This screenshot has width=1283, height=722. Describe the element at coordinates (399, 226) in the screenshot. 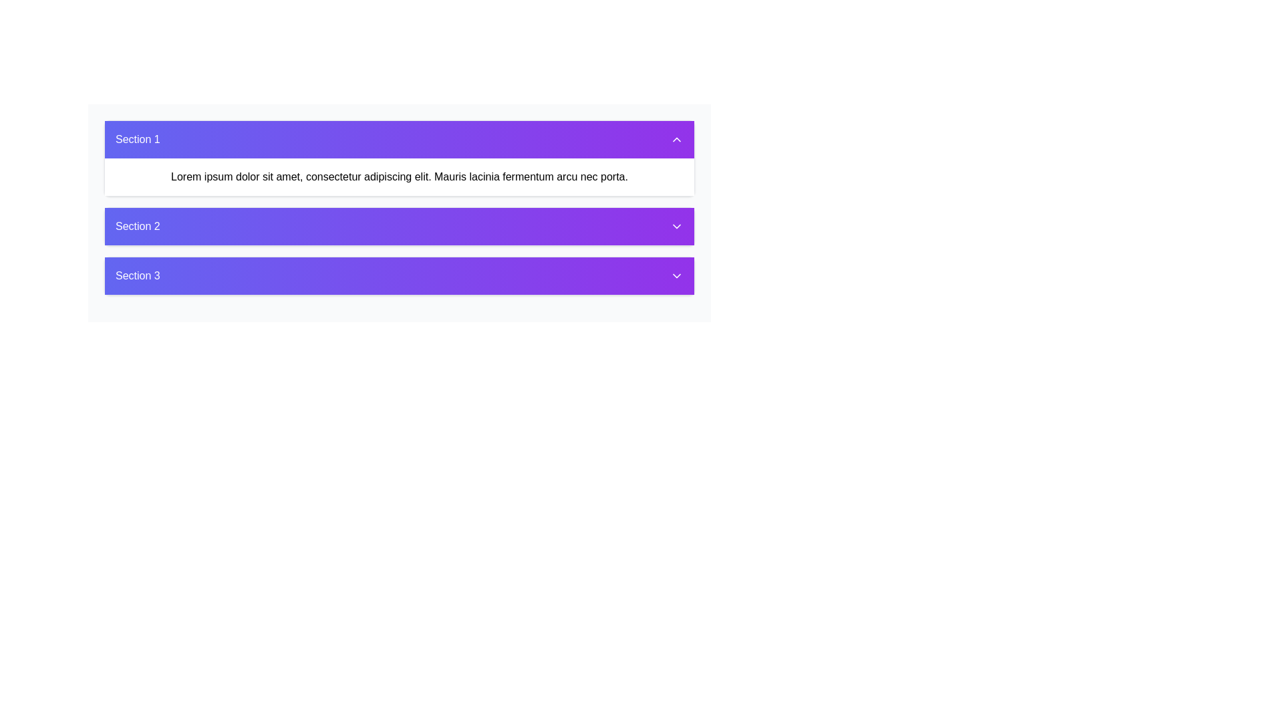

I see `the 'Section 2' button with a gradient background` at that location.